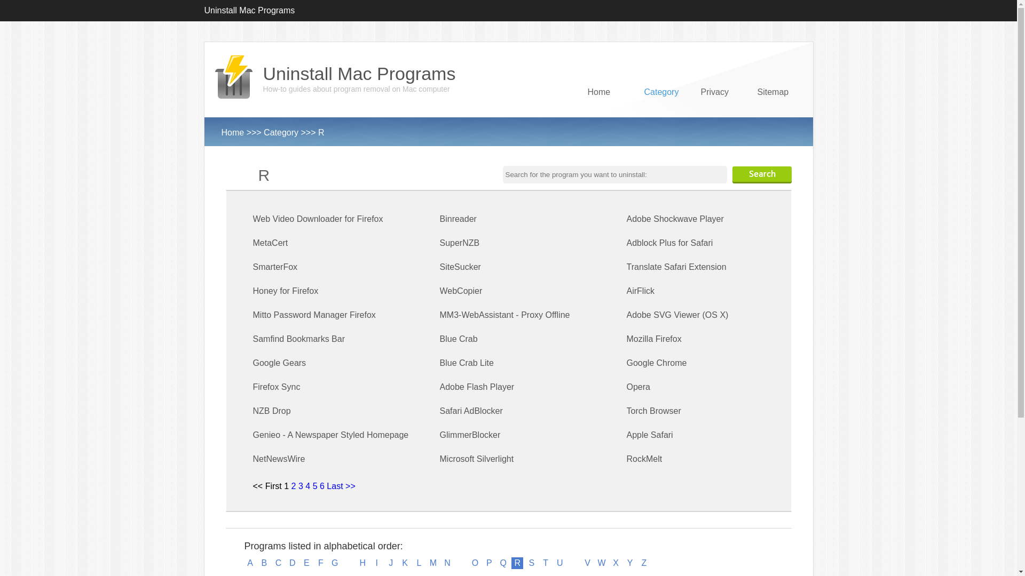  Describe the element at coordinates (756, 111) in the screenshot. I see `'Sitemap'` at that location.